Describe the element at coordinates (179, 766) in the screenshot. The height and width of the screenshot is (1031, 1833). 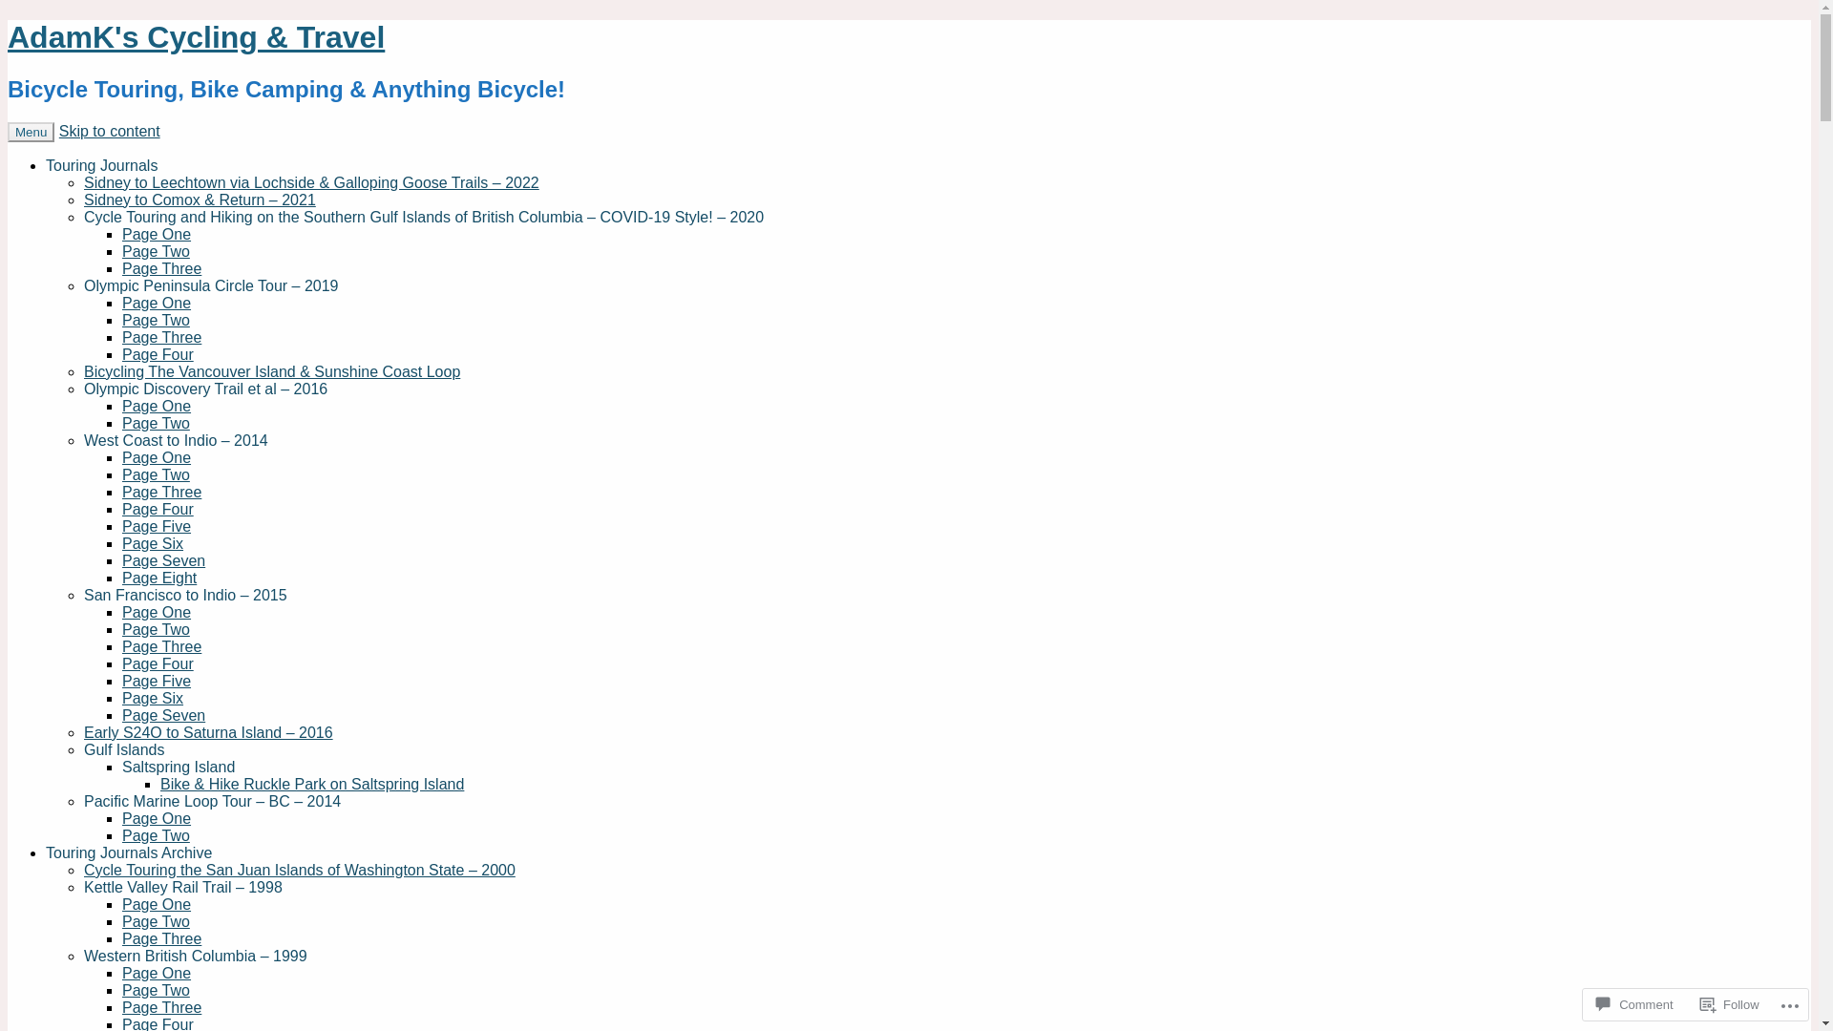
I see `'Saltspring Island'` at that location.